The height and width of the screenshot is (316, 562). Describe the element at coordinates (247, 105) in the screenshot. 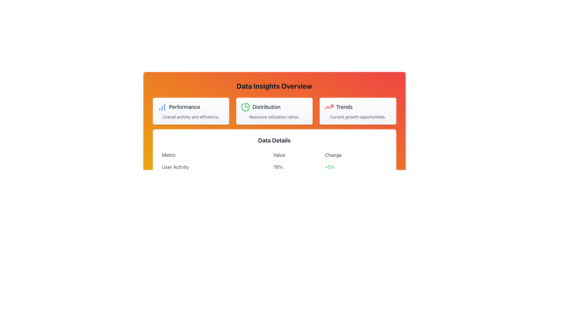

I see `the left segment of the SVG pie chart icon located in the 'Distribution' card at the top center of the interface` at that location.